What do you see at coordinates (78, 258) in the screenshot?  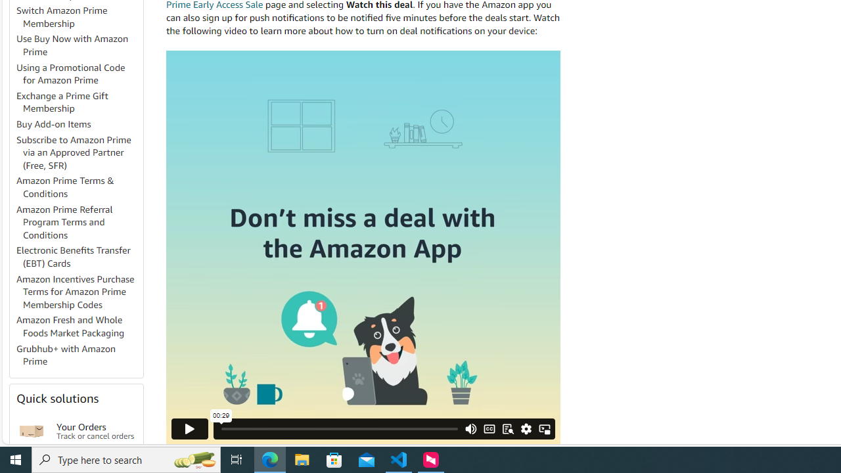 I see `'Electronic Benefits Transfer (EBT) Cards'` at bounding box center [78, 258].